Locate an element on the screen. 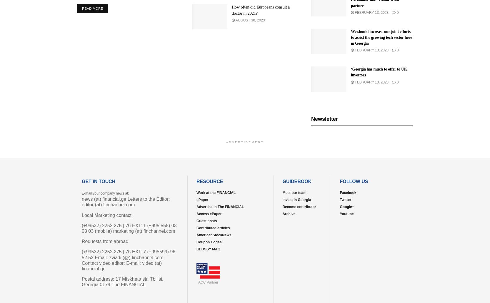 Image resolution: width=490 pixels, height=303 pixels. 'in' is located at coordinates (160, 227).